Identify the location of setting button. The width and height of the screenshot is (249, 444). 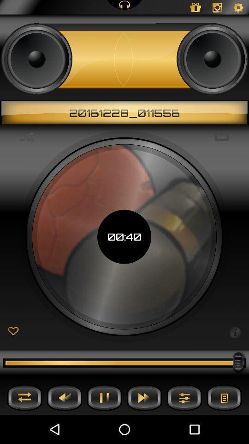
(184, 397).